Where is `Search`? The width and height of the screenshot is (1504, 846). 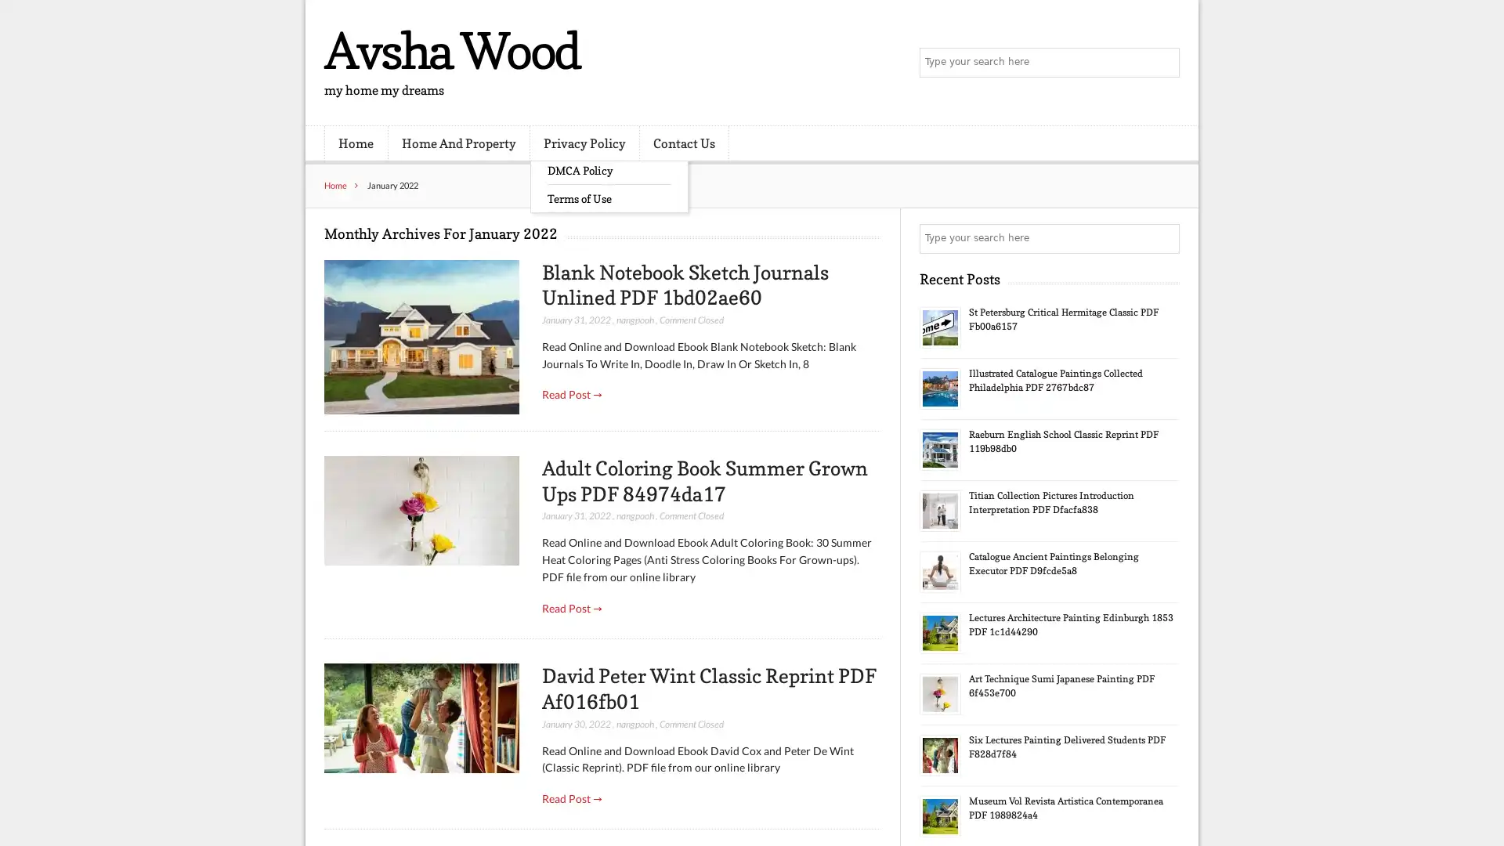 Search is located at coordinates (1163, 63).